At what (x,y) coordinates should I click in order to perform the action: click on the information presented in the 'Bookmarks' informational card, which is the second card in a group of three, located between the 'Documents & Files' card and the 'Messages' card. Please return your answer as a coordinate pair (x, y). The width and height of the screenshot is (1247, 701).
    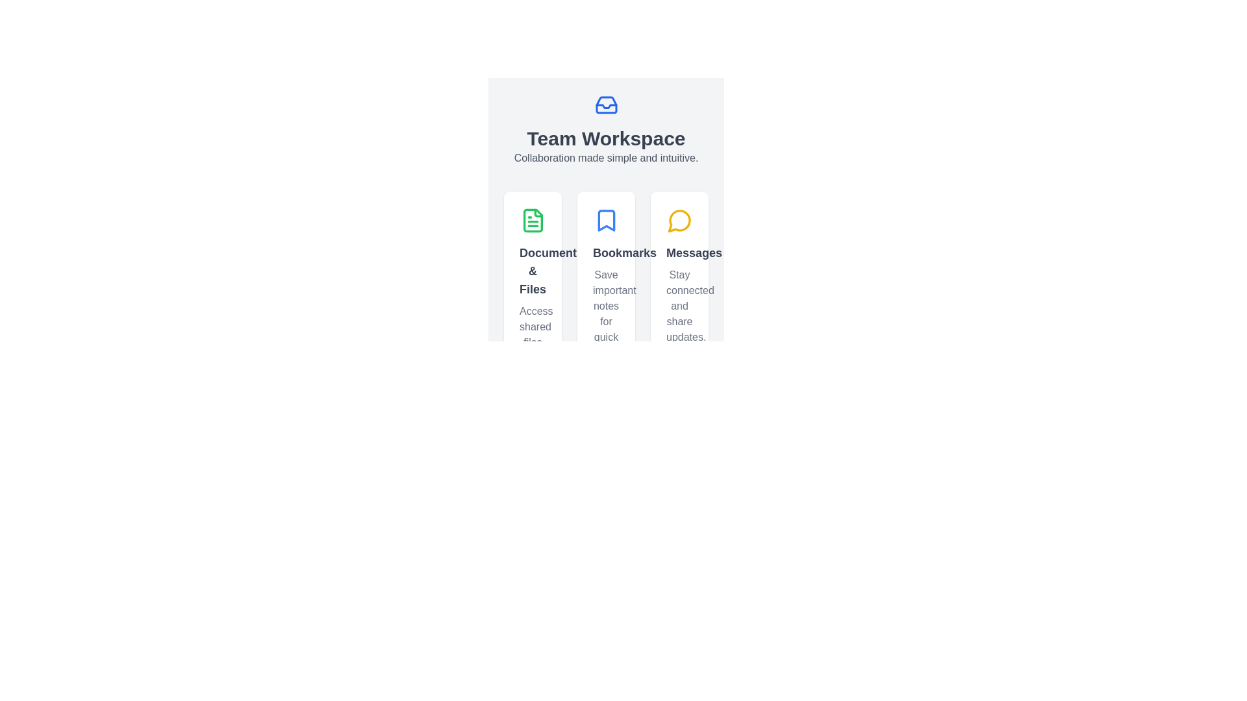
    Looking at the image, I should click on (605, 317).